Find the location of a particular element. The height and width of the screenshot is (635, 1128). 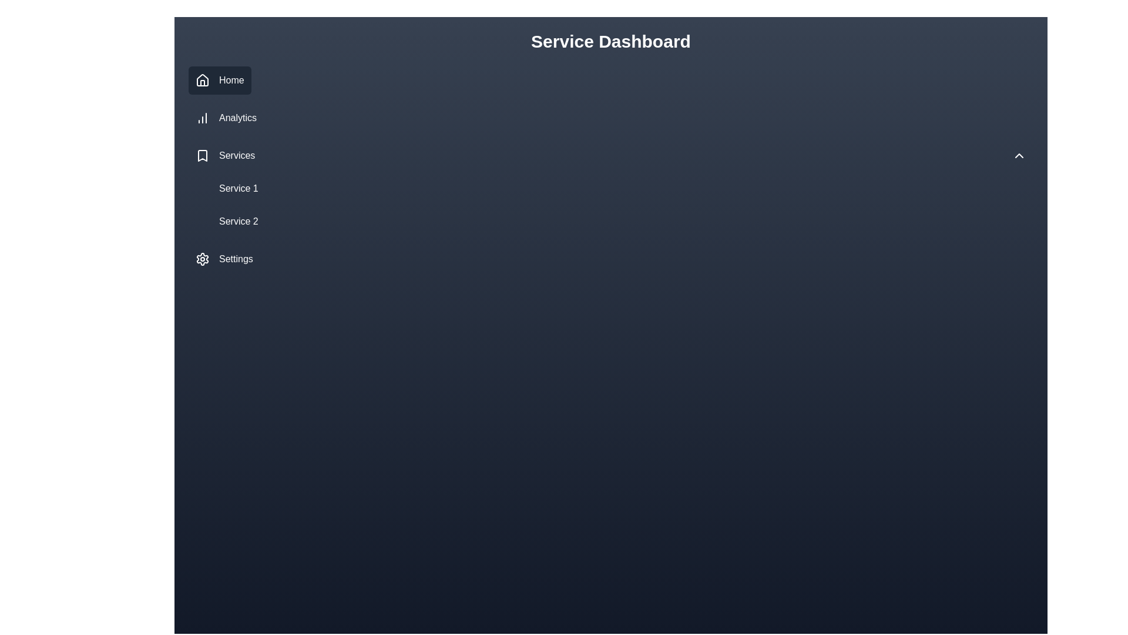

the house-shaped icon in the vertical navigation menu, which is located on the left sidebar next to the 'Home' text and above the 'Analytics' menu item is located at coordinates (203, 80).